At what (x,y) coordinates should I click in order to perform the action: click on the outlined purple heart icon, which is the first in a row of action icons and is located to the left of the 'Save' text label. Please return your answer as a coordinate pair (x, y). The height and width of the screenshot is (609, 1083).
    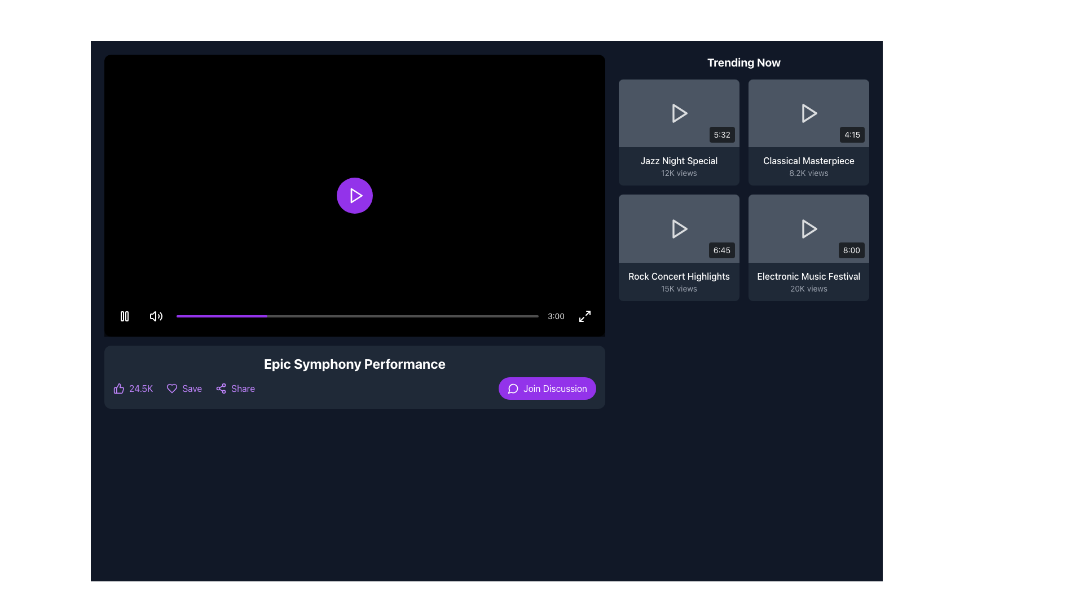
    Looking at the image, I should click on (171, 387).